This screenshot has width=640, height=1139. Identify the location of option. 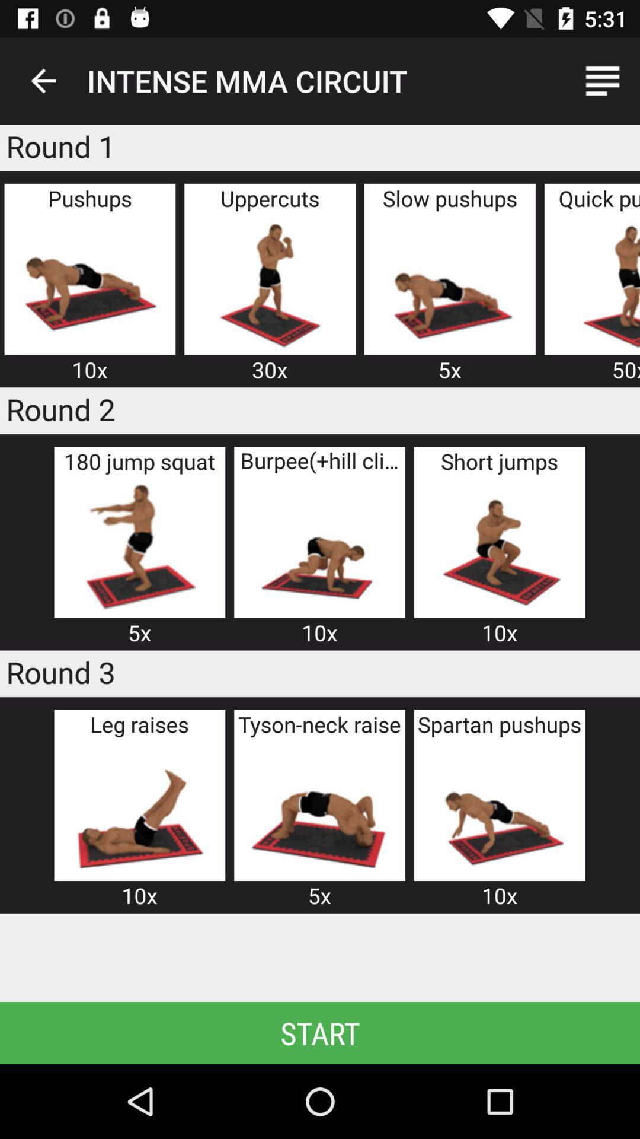
(89, 283).